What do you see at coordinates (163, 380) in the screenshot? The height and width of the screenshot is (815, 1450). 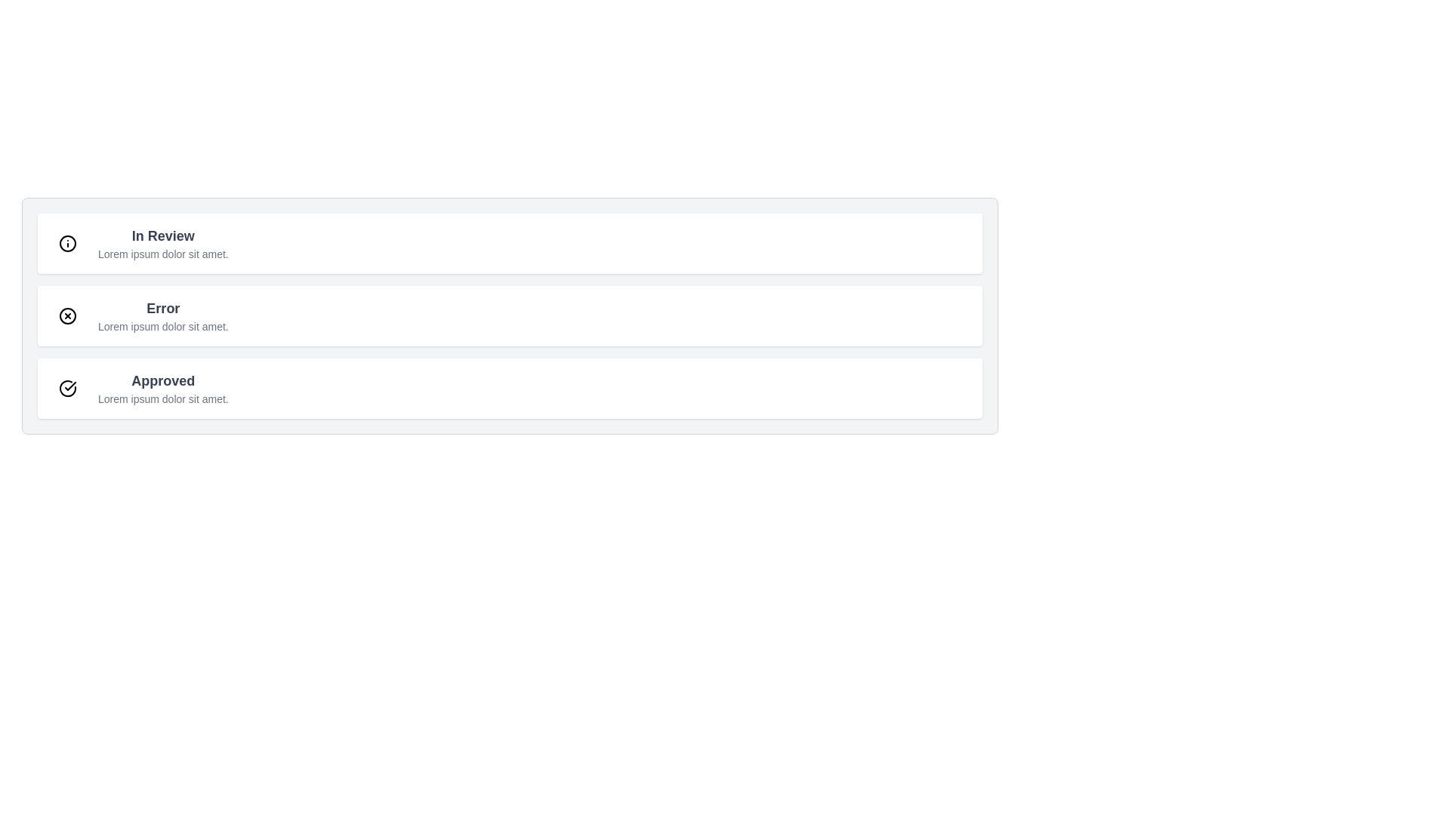 I see `the Static Text element displaying 'Approved', which is a bold gray label aligned to the left, located on the third row of approval statuses` at bounding box center [163, 380].